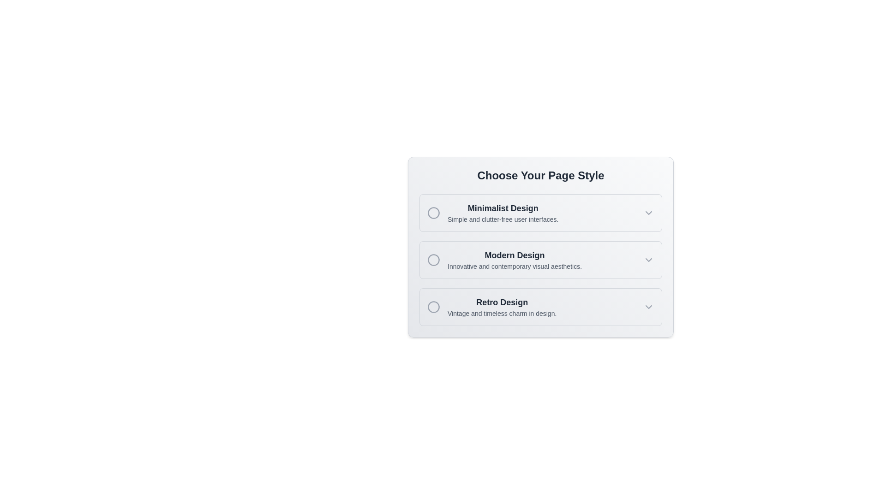 The image size is (886, 498). Describe the element at coordinates (648, 213) in the screenshot. I see `the icon button located in the 'Choose Your Page Style' panel` at that location.